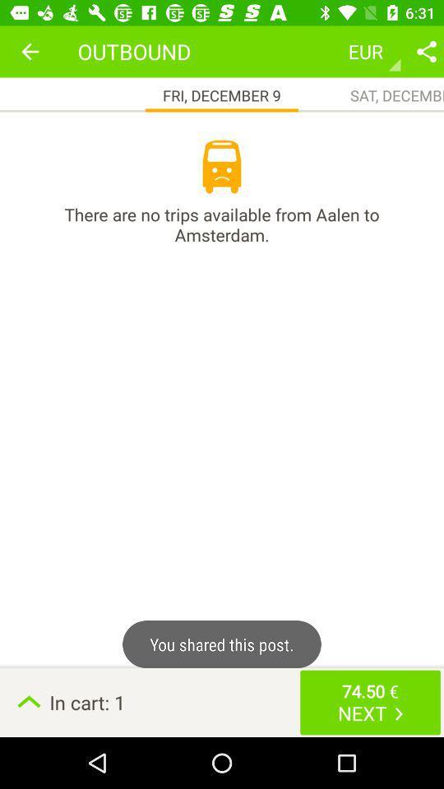 The height and width of the screenshot is (789, 444). Describe the element at coordinates (426, 51) in the screenshot. I see `share your post` at that location.